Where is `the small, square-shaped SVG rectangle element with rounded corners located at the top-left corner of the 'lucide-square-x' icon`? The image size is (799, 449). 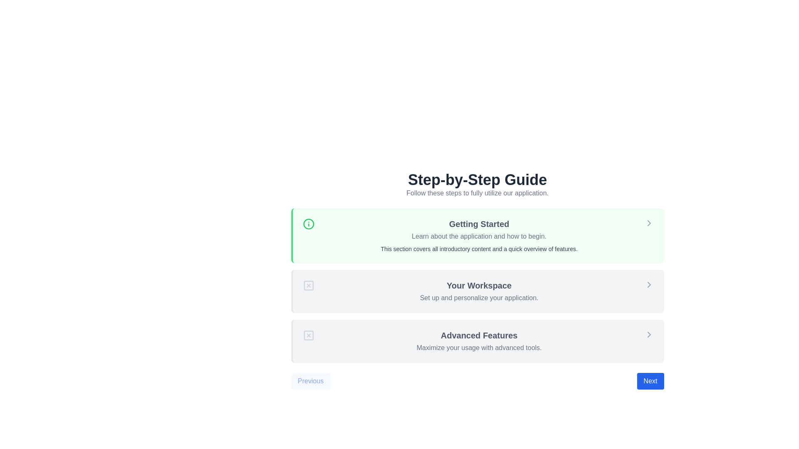
the small, square-shaped SVG rectangle element with rounded corners located at the top-left corner of the 'lucide-square-x' icon is located at coordinates (308, 285).